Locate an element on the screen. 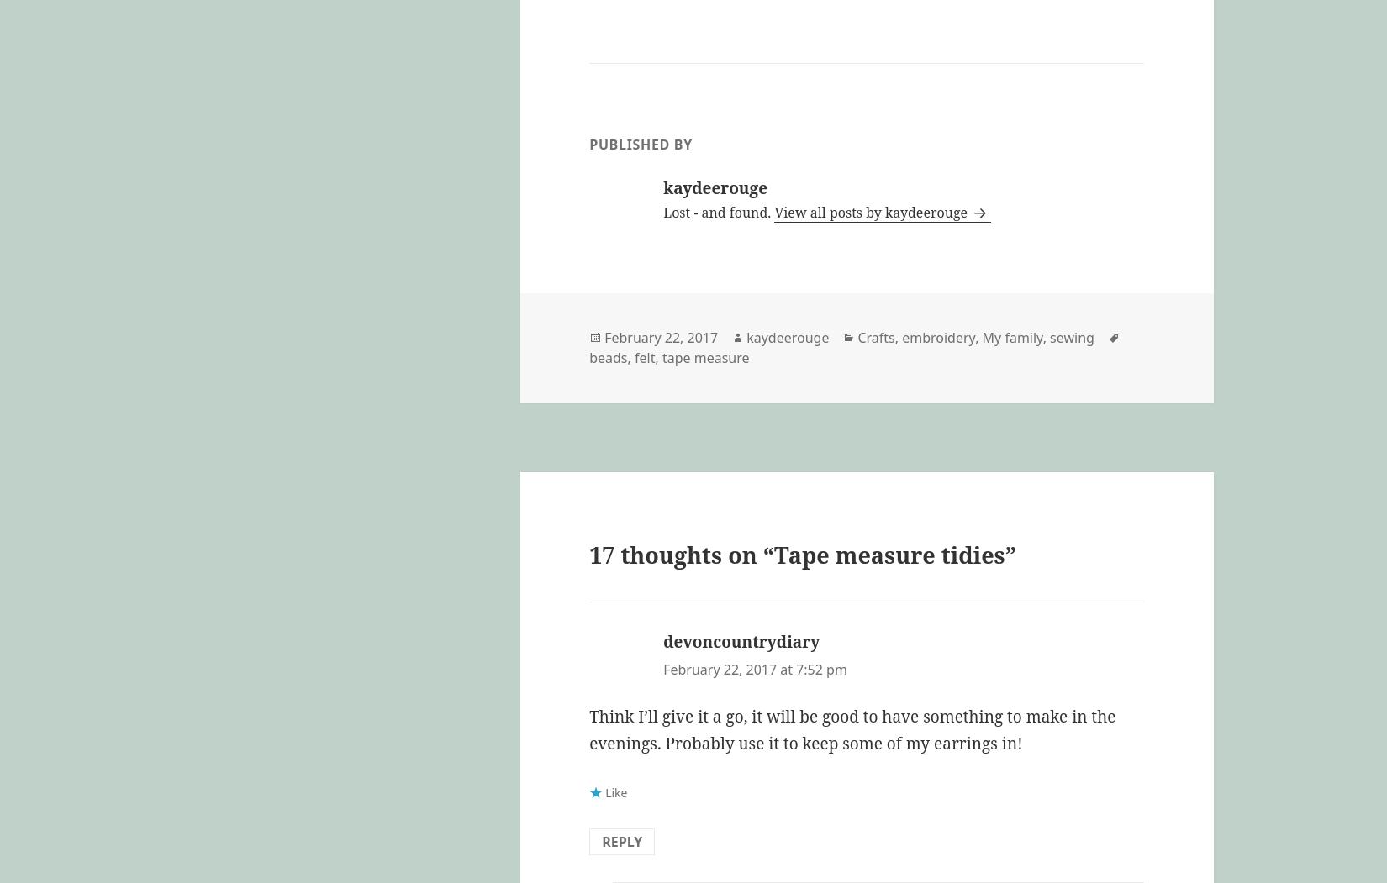 This screenshot has height=883, width=1387. 'Crafts' is located at coordinates (875, 337).